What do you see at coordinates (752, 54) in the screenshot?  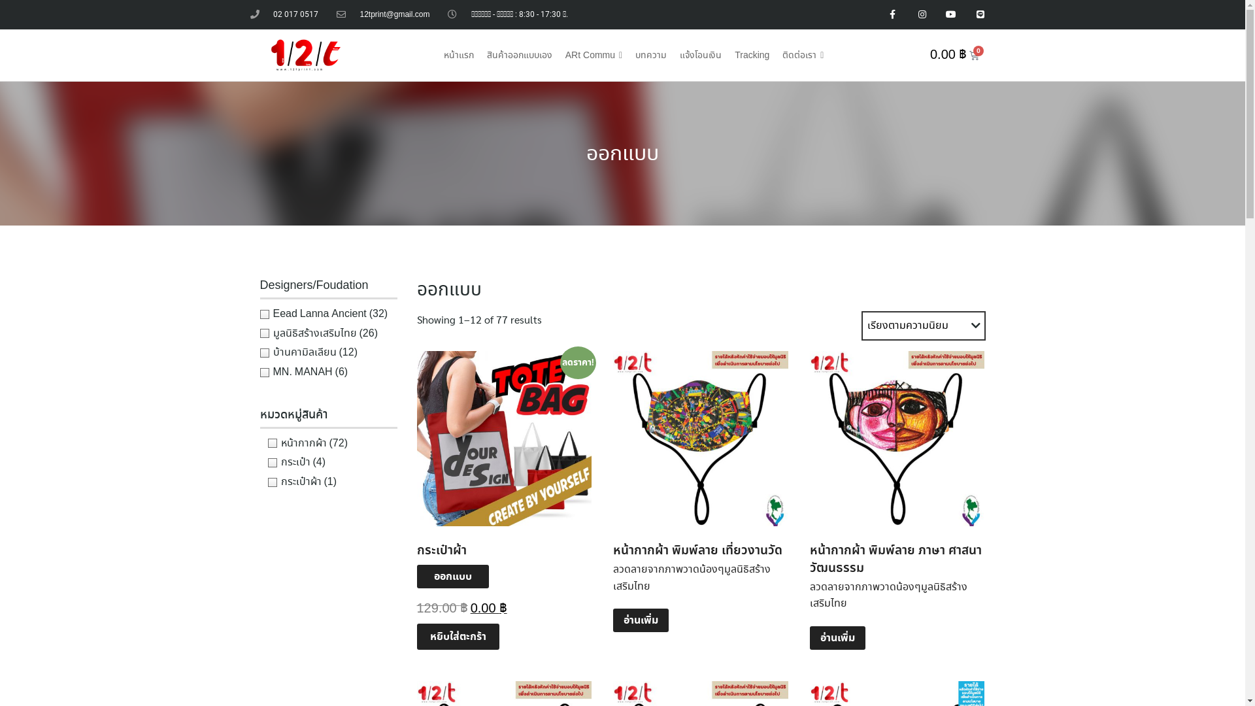 I see `'Tracking'` at bounding box center [752, 54].